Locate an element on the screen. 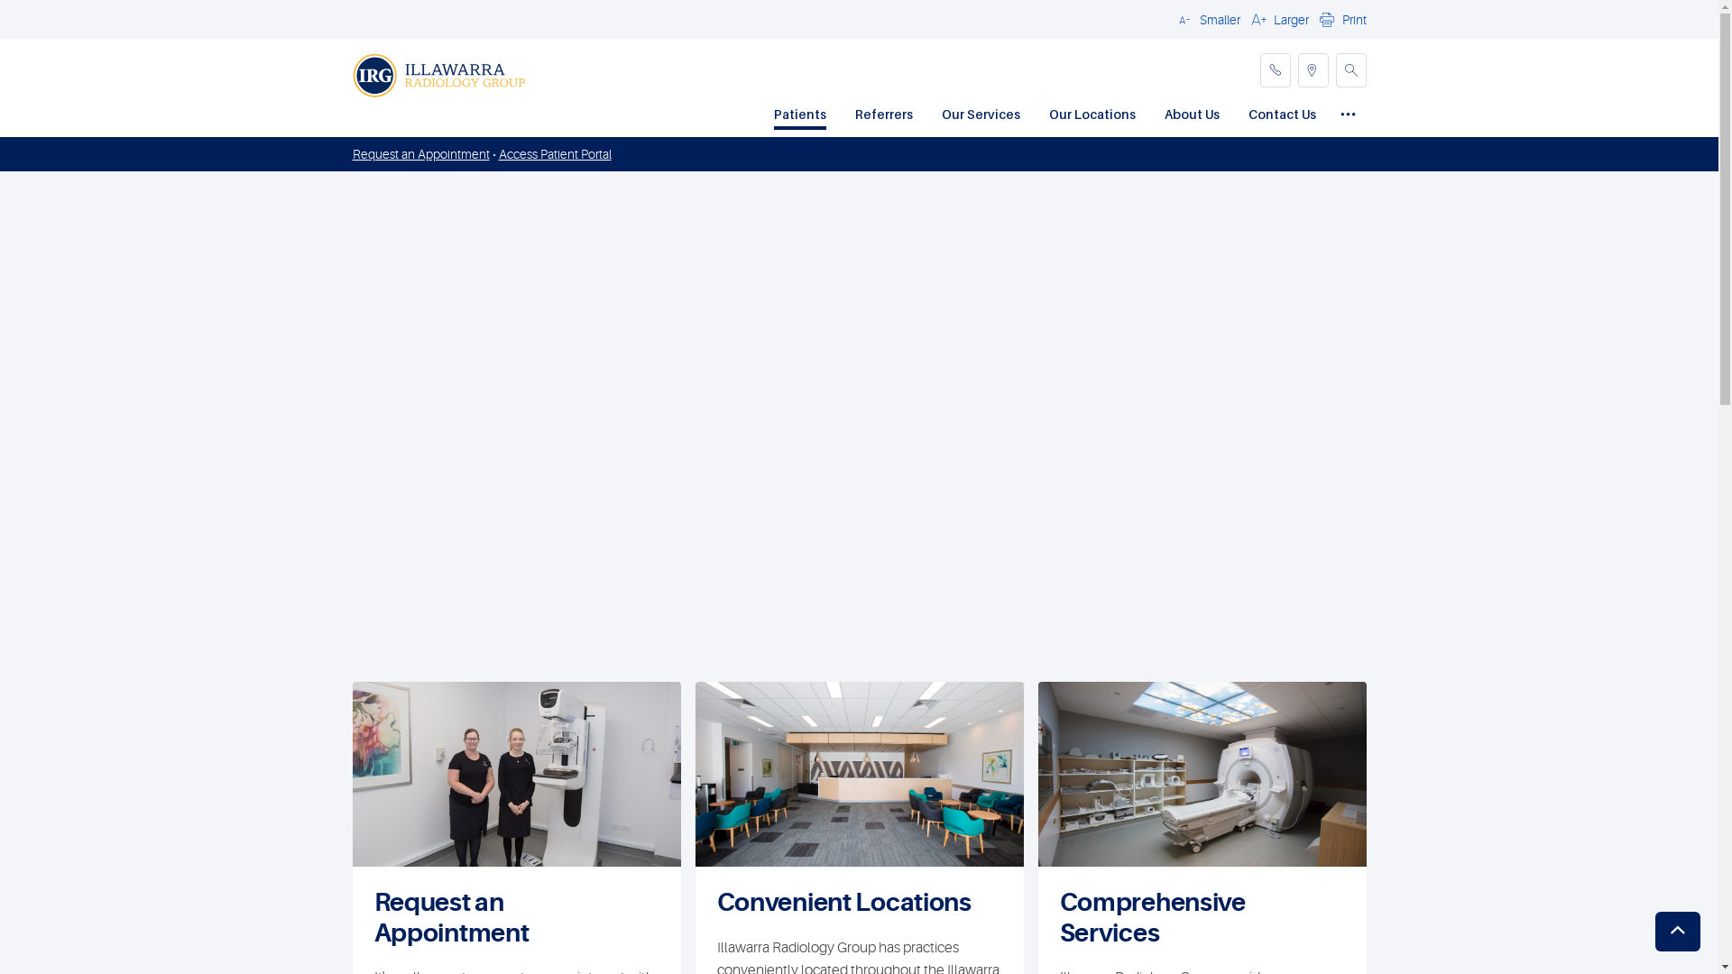 This screenshot has width=1732, height=974. 'Contact Us' is located at coordinates (1281, 115).